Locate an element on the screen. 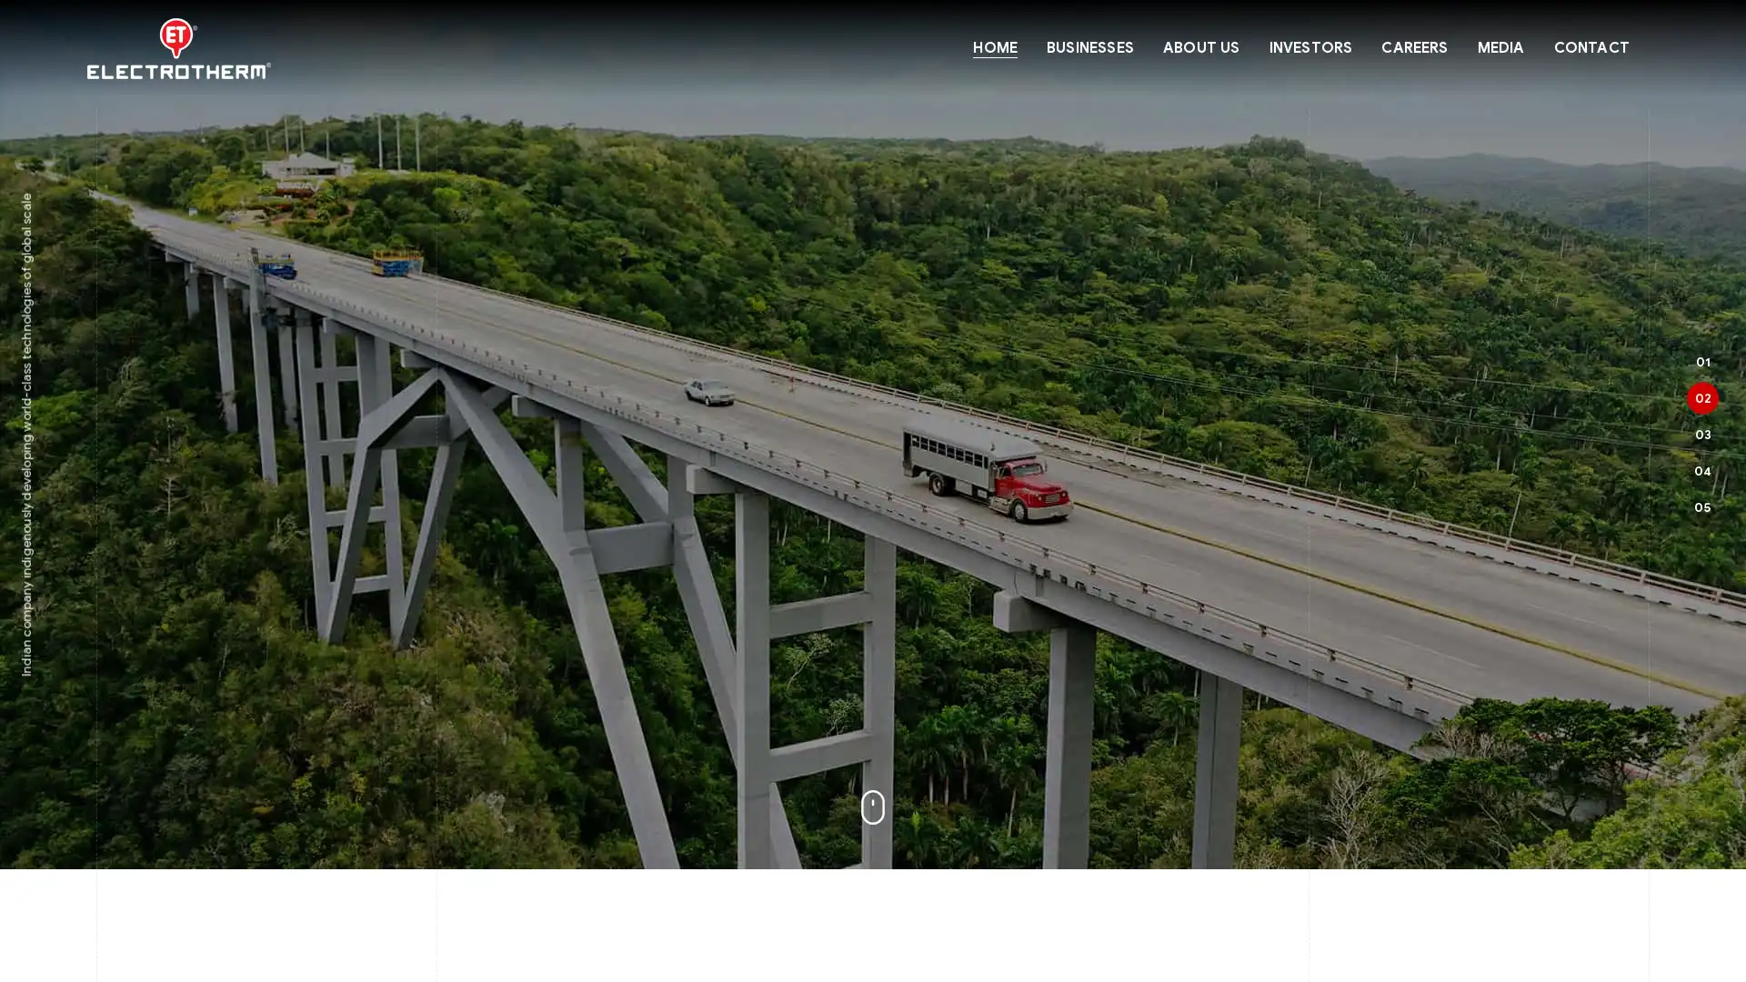 This screenshot has width=1746, height=982. Mouse Image is located at coordinates (871, 806).